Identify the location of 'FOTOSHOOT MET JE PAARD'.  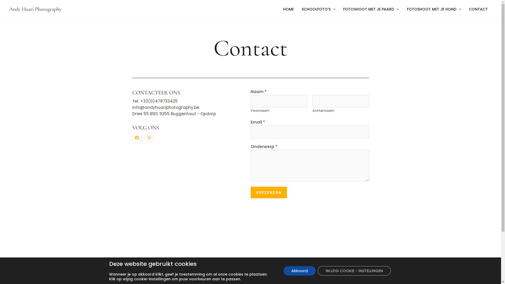
(339, 9).